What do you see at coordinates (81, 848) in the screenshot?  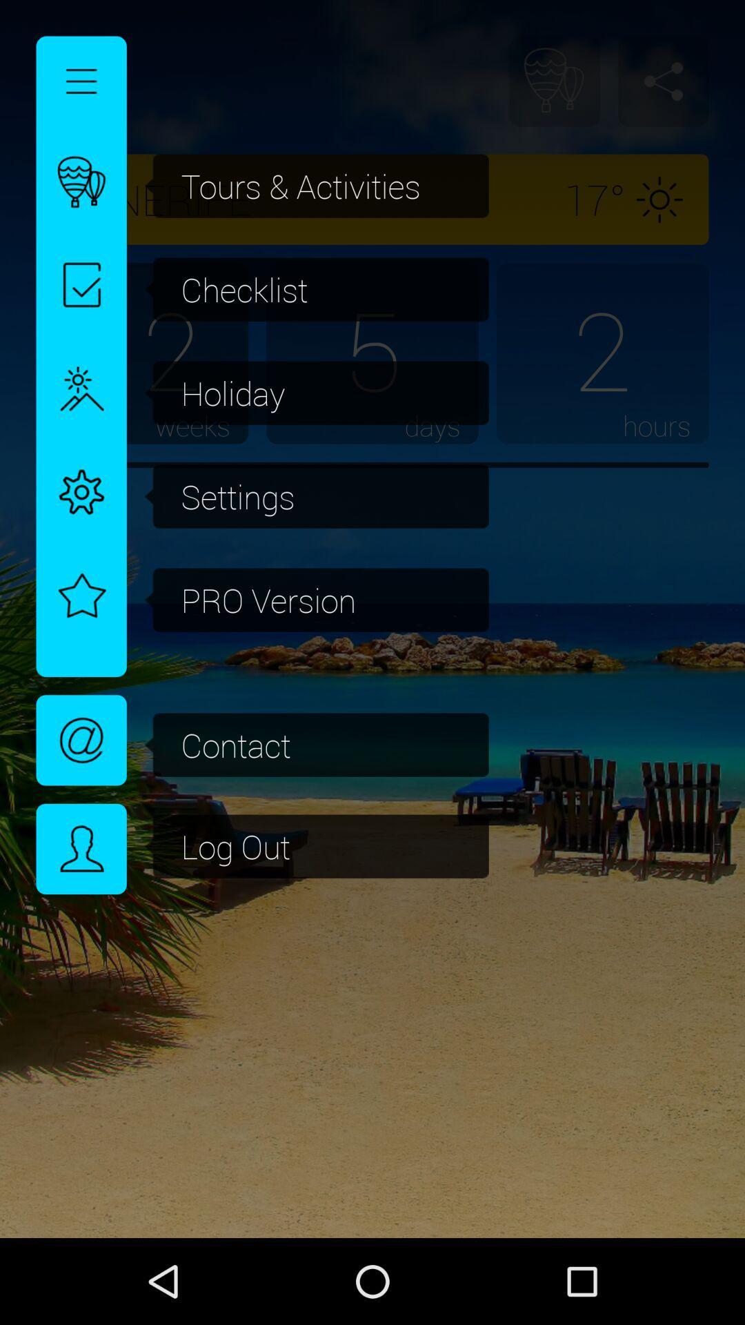 I see `the avatar icon` at bounding box center [81, 848].